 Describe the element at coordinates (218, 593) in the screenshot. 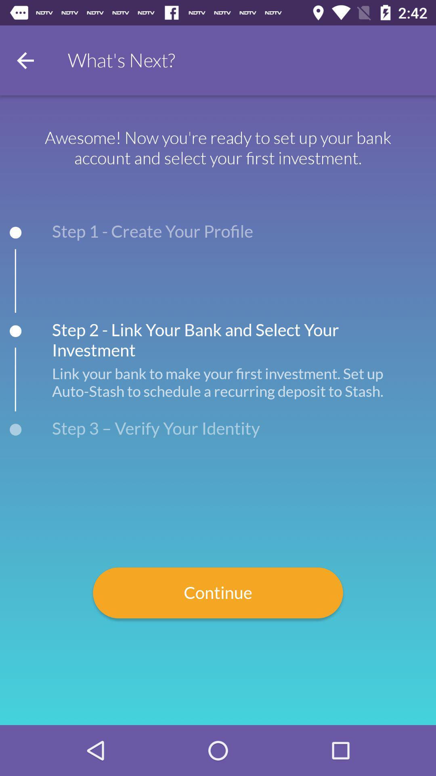

I see `icon below the step 3 verify` at that location.